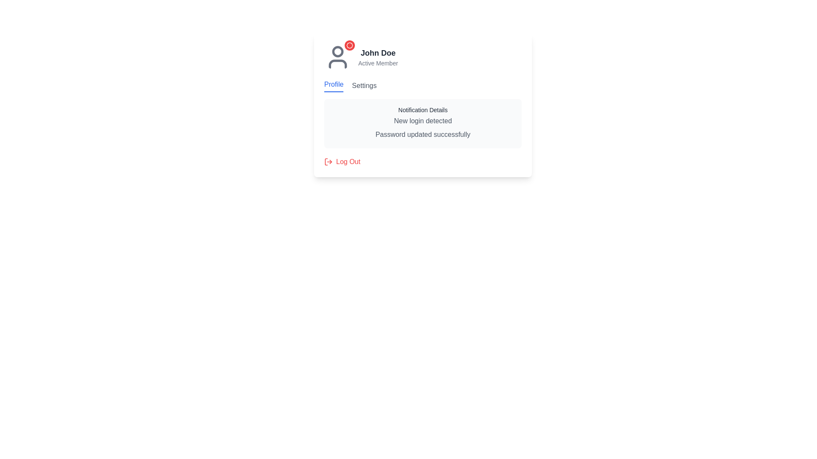 This screenshot has width=817, height=459. Describe the element at coordinates (377, 57) in the screenshot. I see `the text display component featuring the title 'John Doe' and subtitle 'Active Member', located in the upper-right section of the interface` at that location.